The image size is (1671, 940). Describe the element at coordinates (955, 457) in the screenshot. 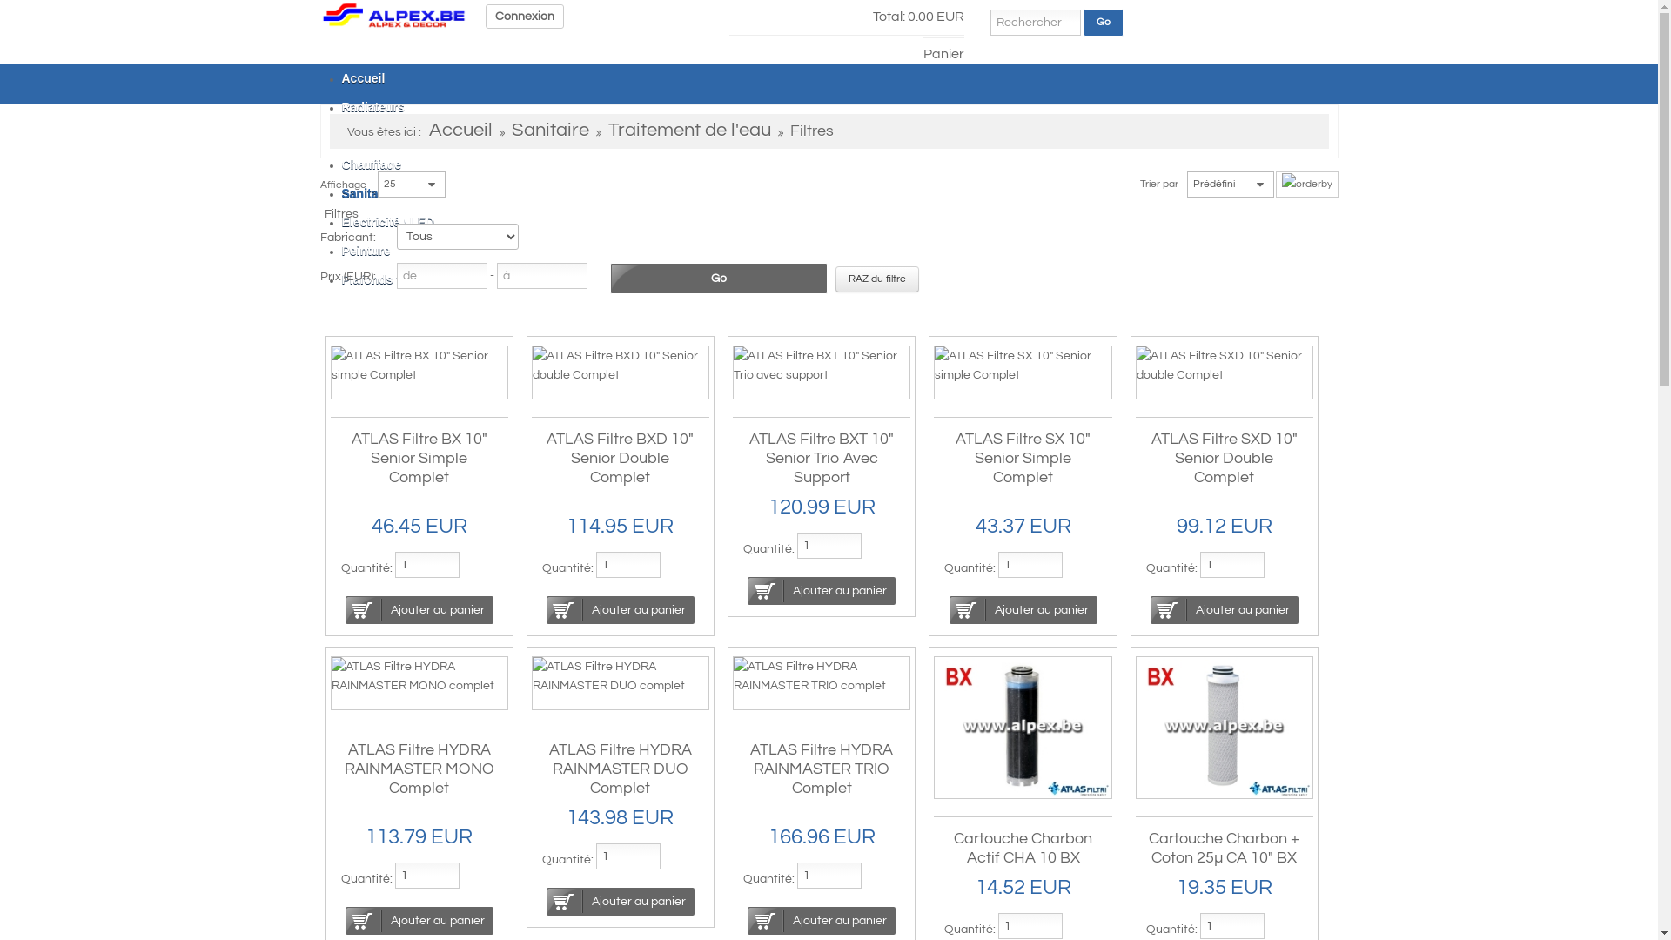

I see `'ATLAS Filtre SX 10" Senior Simple Complet'` at that location.